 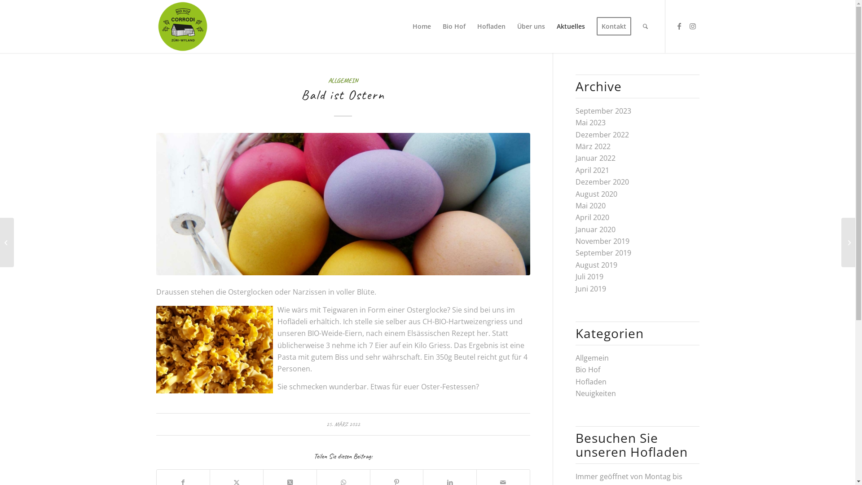 What do you see at coordinates (575, 357) in the screenshot?
I see `'Allgemein'` at bounding box center [575, 357].